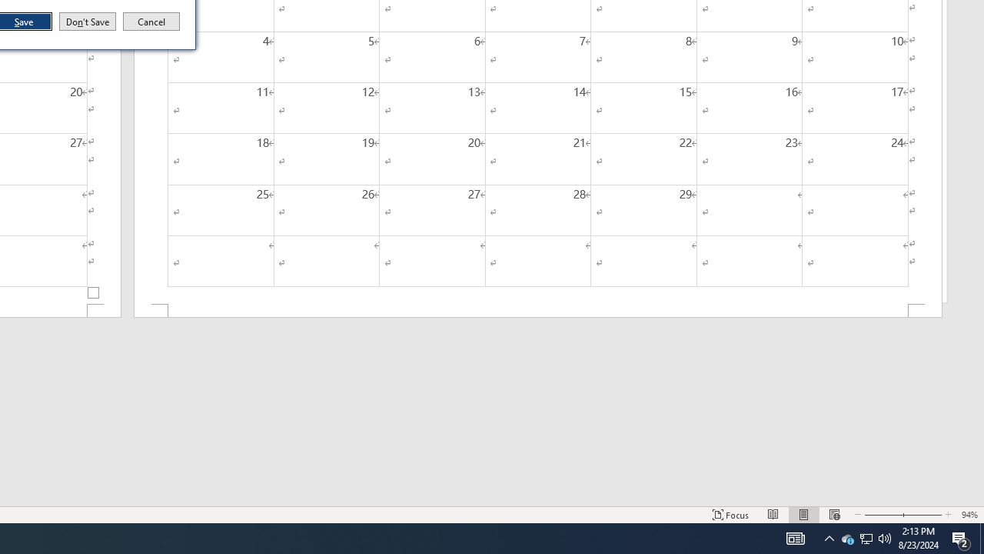 This screenshot has width=984, height=554. I want to click on 'Footer -Section 2-', so click(538, 311).